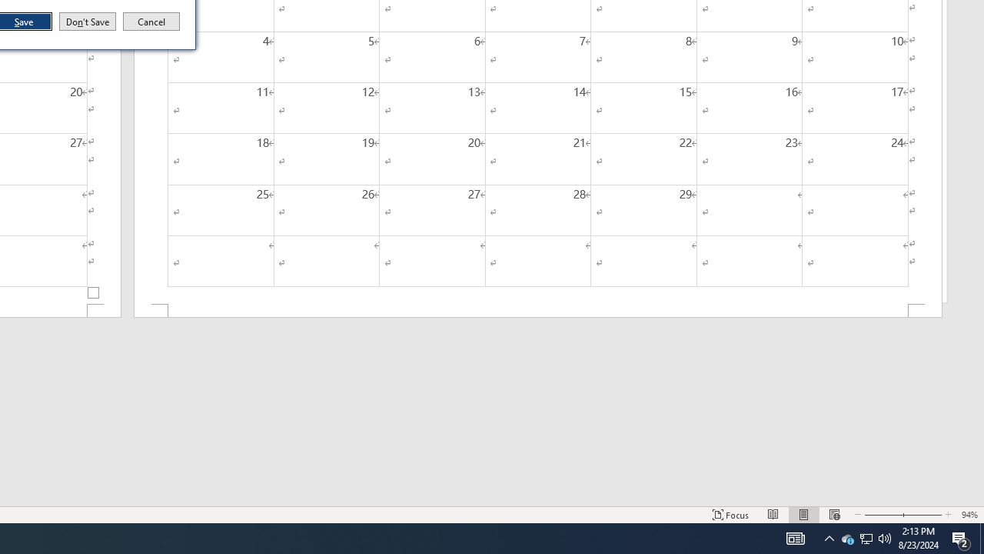 This screenshot has width=984, height=554. I want to click on 'Footer -Section 2-', so click(538, 311).